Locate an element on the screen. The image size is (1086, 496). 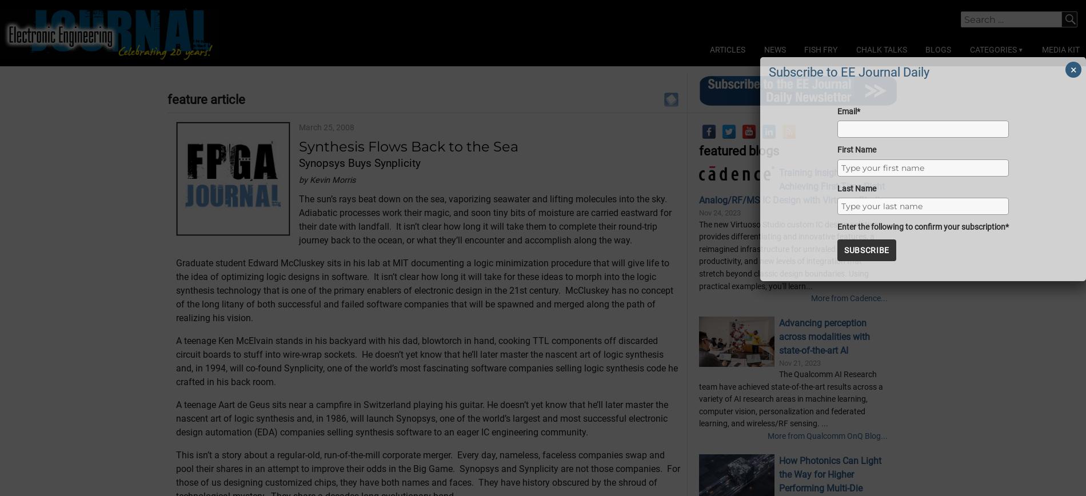
'Subscribe' is located at coordinates (867, 250).